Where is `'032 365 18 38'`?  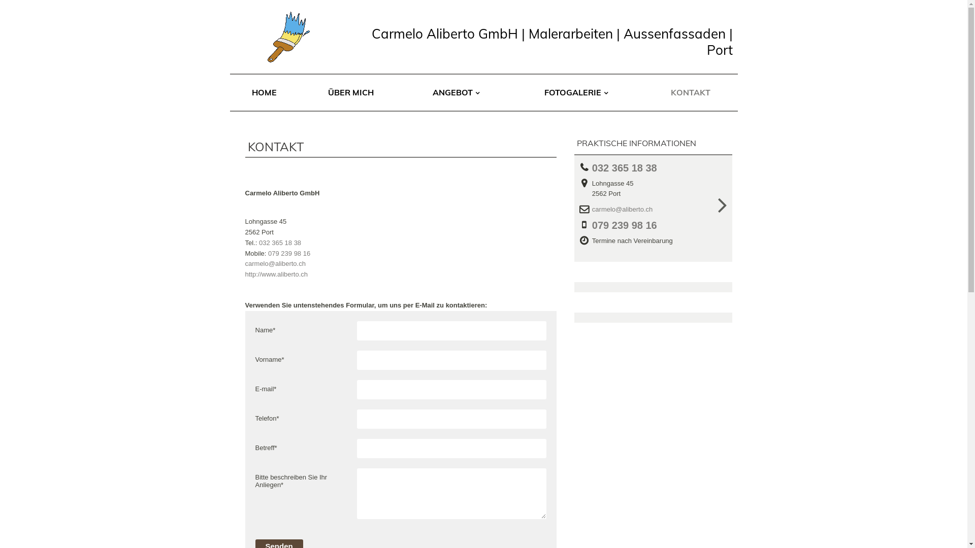 '032 365 18 38' is located at coordinates (627, 167).